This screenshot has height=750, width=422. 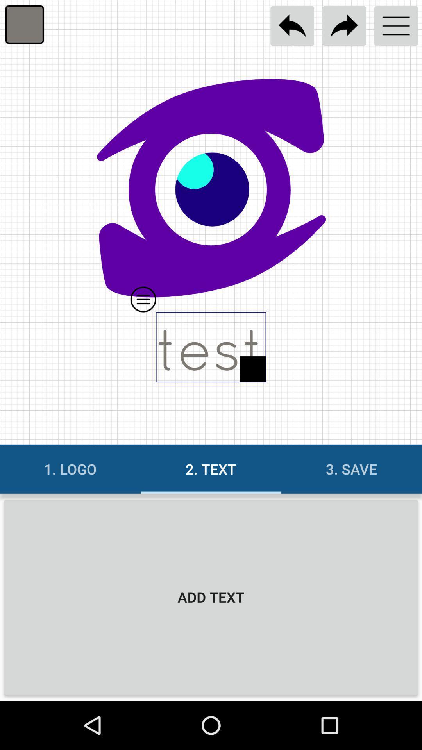 What do you see at coordinates (292, 26) in the screenshot?
I see `undo changes` at bounding box center [292, 26].